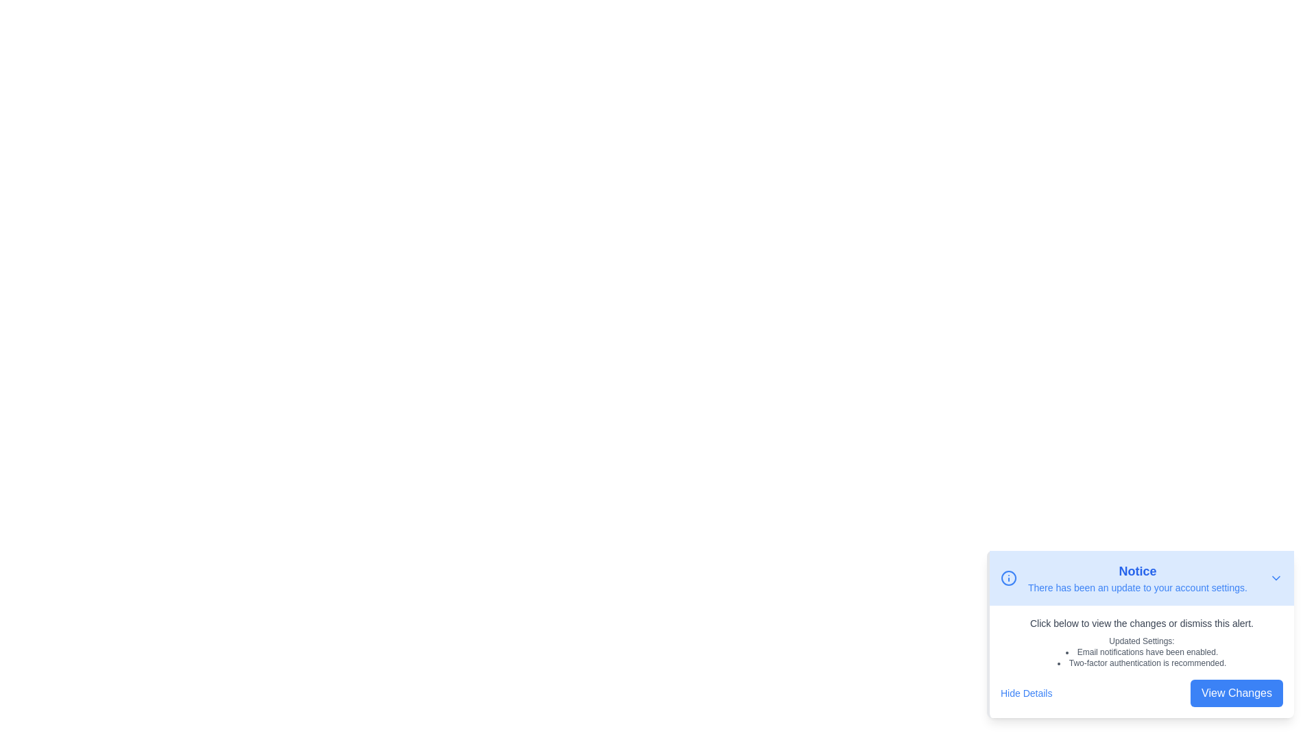  I want to click on the Icon button located at the upper-right corner of the notification box, which serves as a dropdown toggle for expanding or collapsing the associated content, so click(1276, 578).